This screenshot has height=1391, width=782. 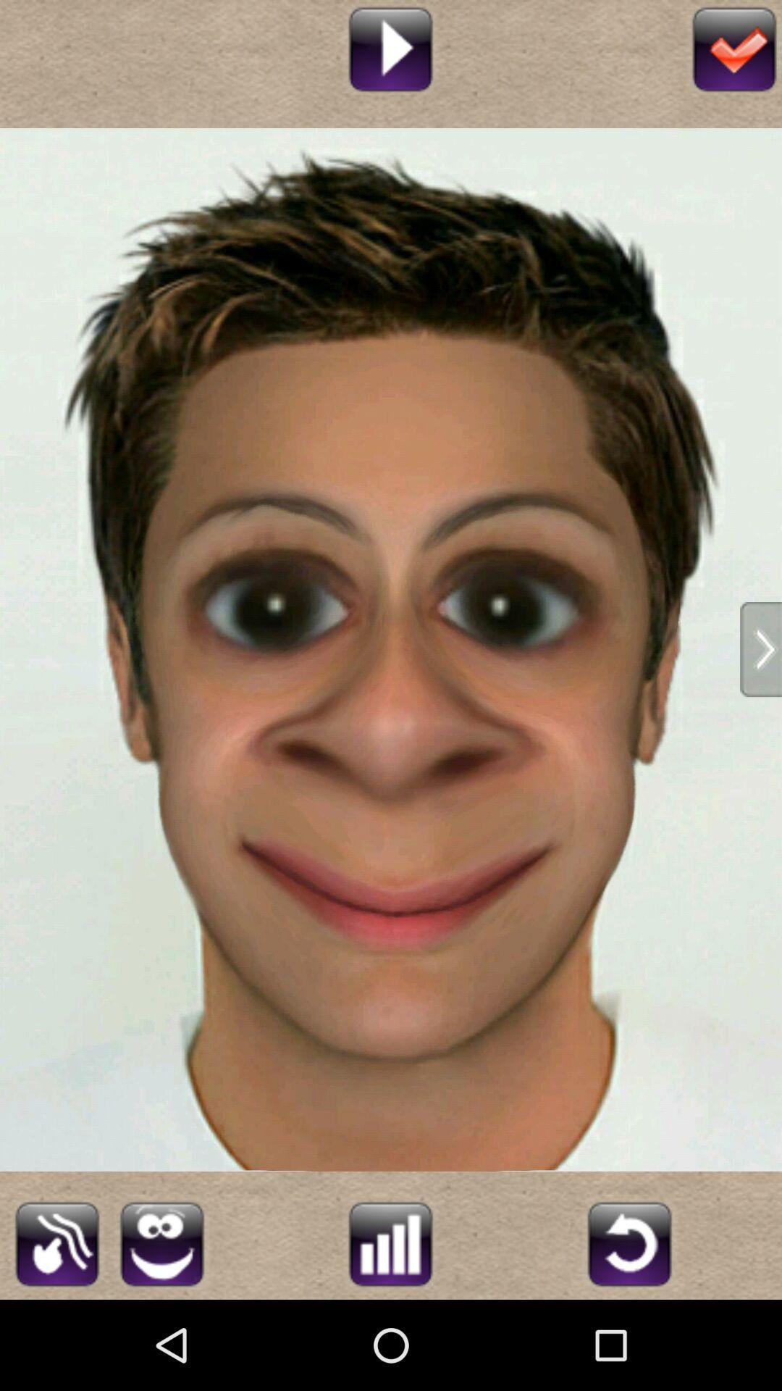 I want to click on the icon at the top, so click(x=390, y=47).